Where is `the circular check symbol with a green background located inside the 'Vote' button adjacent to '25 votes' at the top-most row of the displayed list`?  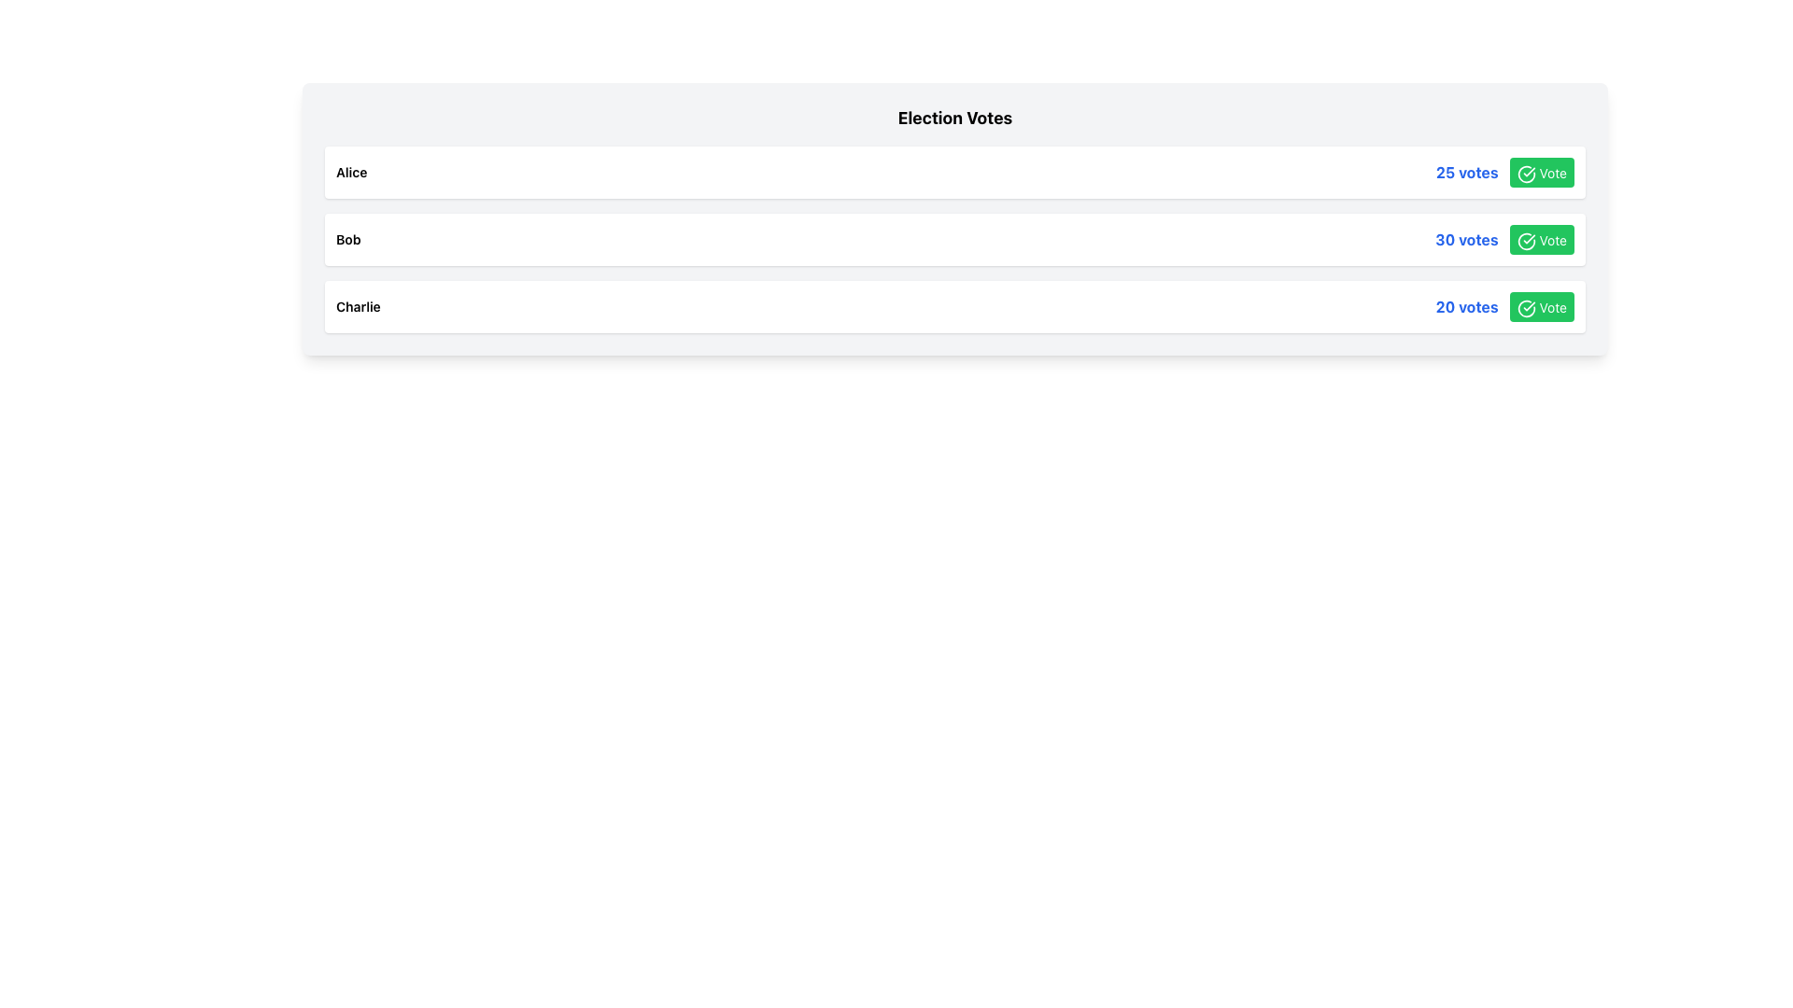
the circular check symbol with a green background located inside the 'Vote' button adjacent to '25 votes' at the top-most row of the displayed list is located at coordinates (1526, 174).